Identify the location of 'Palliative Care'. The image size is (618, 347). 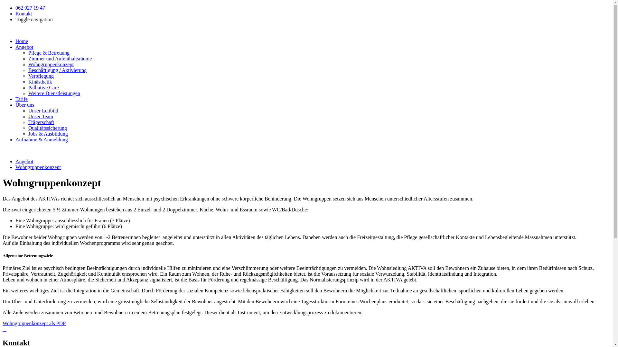
(28, 87).